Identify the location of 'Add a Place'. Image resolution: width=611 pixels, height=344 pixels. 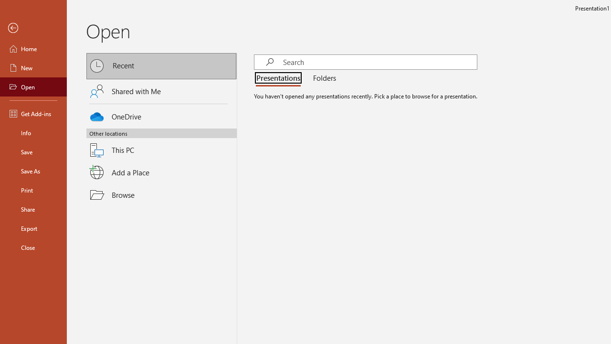
(161, 172).